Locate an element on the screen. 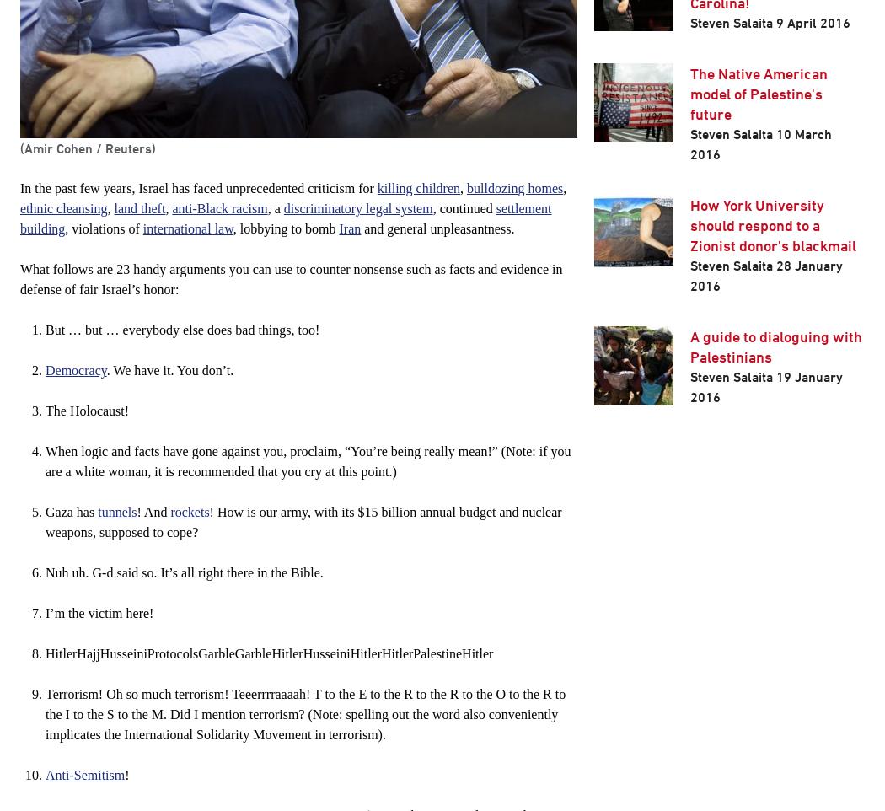 This screenshot has height=811, width=885. ', violations of' is located at coordinates (102, 228).